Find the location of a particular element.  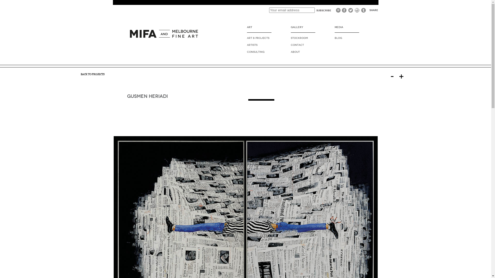

'ARTISTS' is located at coordinates (259, 45).